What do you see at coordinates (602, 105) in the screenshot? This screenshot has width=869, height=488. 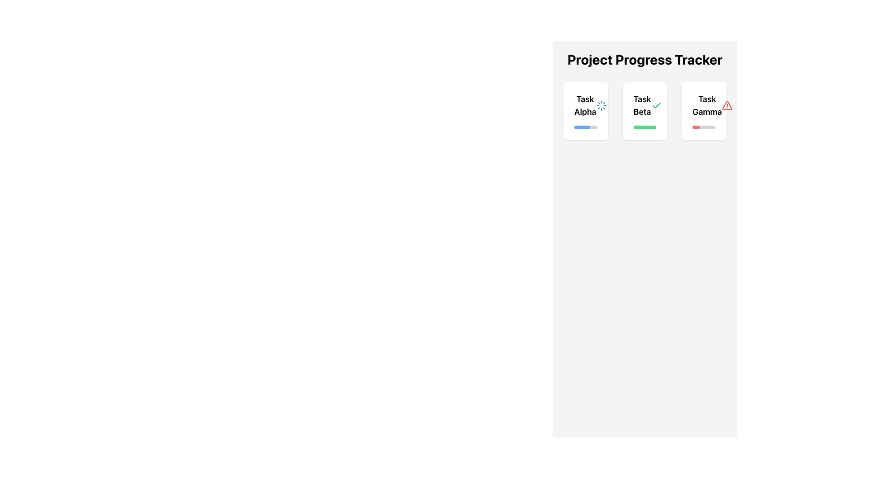 I see `the loader or spinner icon located in the upper-right area of the 'Task Alpha' card in the 'Project Progress Tracker' interface, which features blue lines radiating outward on a white background` at bounding box center [602, 105].